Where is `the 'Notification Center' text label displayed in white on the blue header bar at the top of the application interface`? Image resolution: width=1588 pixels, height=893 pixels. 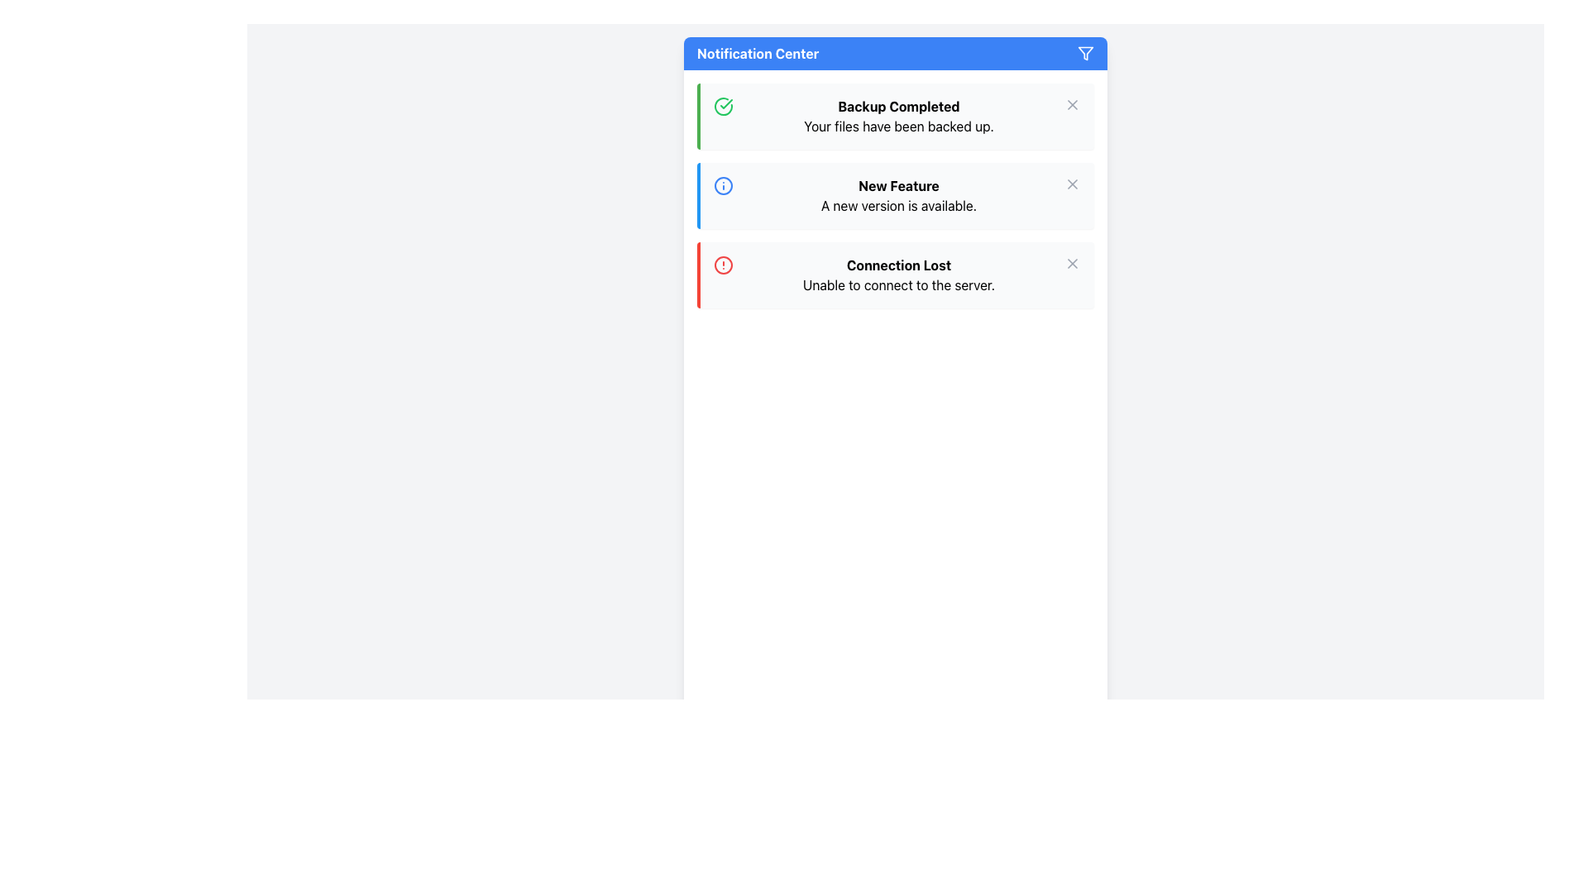
the 'Notification Center' text label displayed in white on the blue header bar at the top of the application interface is located at coordinates (757, 53).